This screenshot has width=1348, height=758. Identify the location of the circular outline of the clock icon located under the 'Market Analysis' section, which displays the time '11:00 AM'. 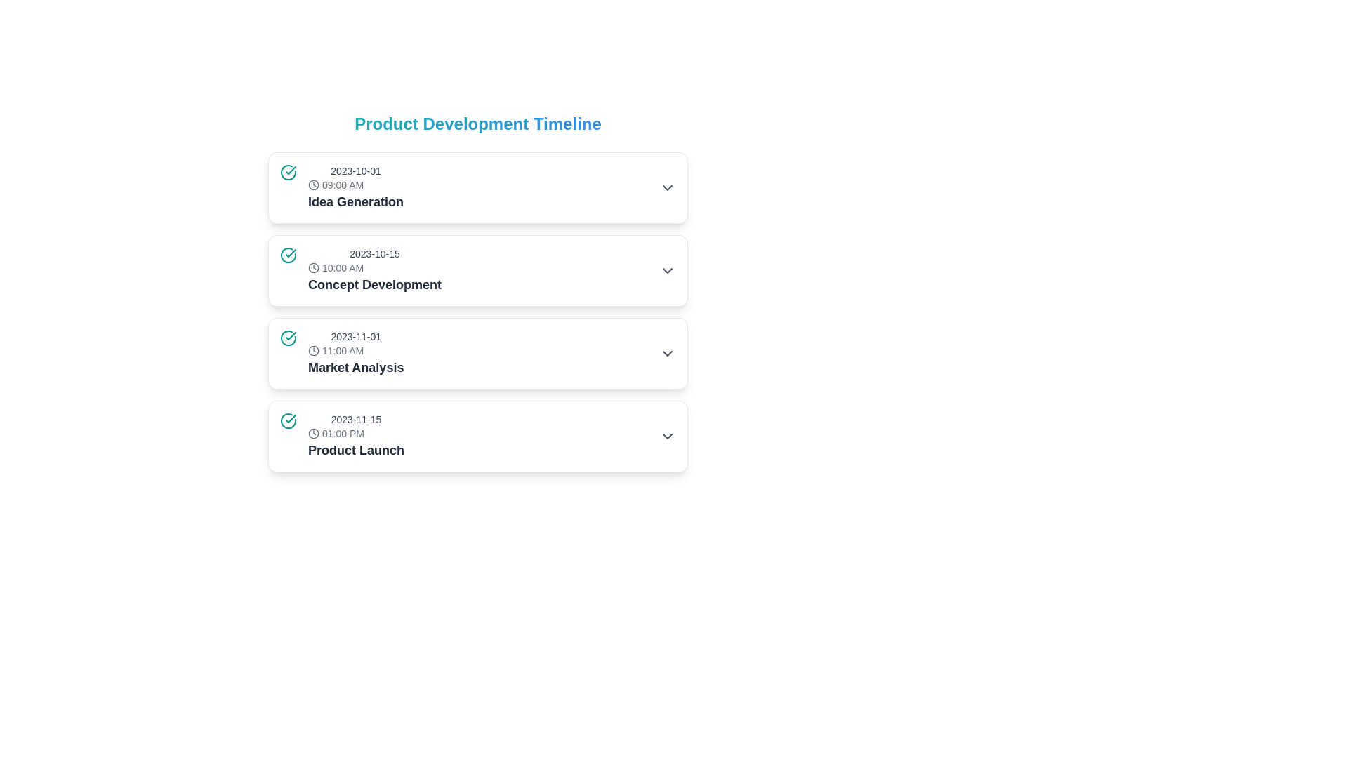
(312, 350).